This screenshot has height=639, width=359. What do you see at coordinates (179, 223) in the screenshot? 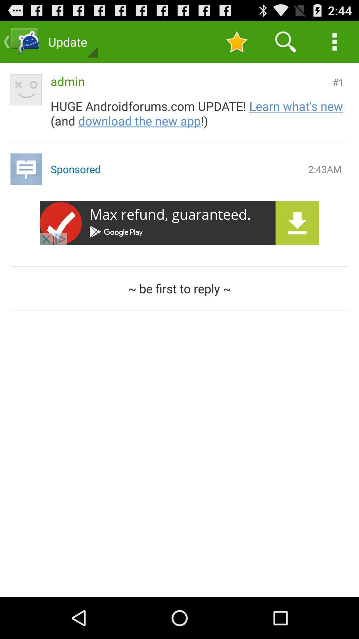
I see `advertisement` at bounding box center [179, 223].